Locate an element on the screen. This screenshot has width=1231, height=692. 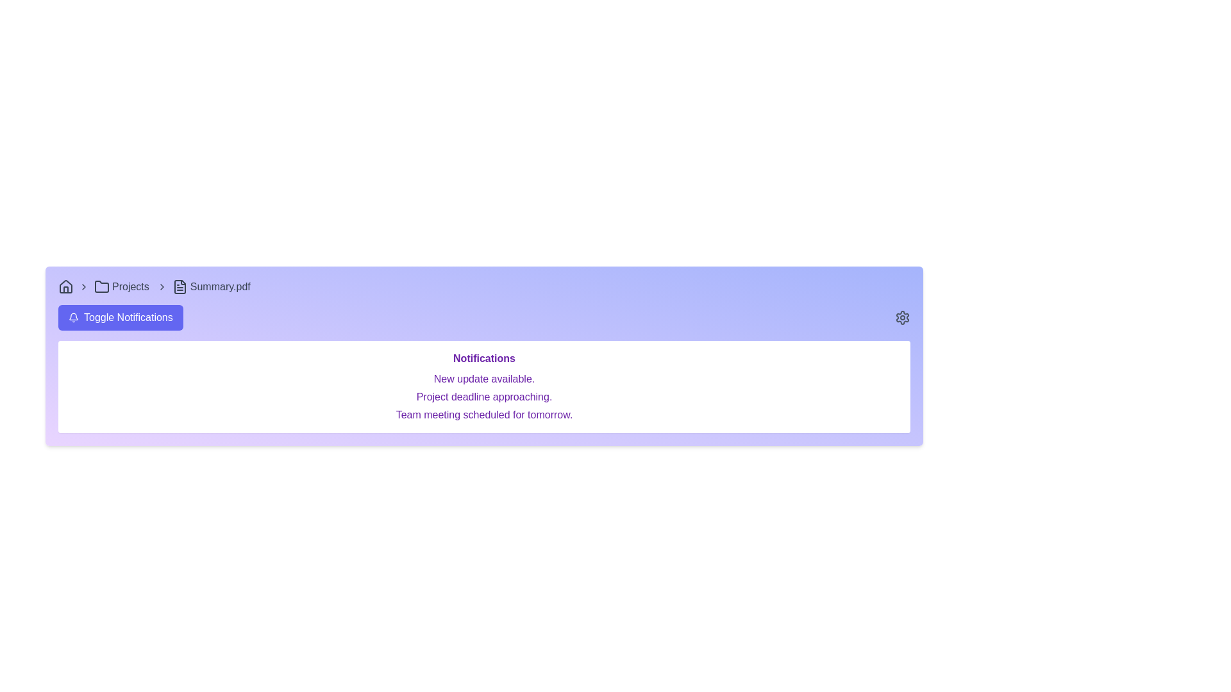
the Breadcrumb item representing the file 'Summary.pdf' is located at coordinates (212, 286).